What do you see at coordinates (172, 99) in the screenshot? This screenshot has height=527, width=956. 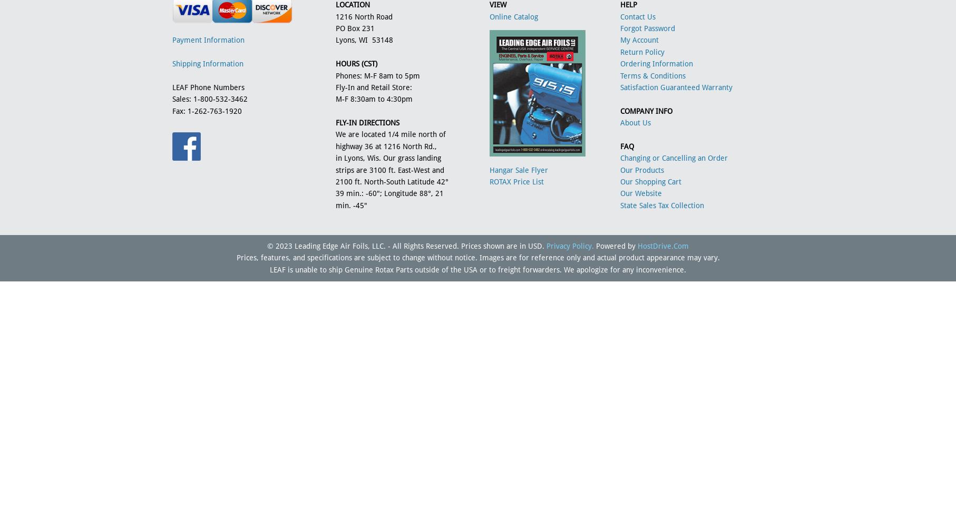 I see `'Sales: 1-800-532-3462'` at bounding box center [172, 99].